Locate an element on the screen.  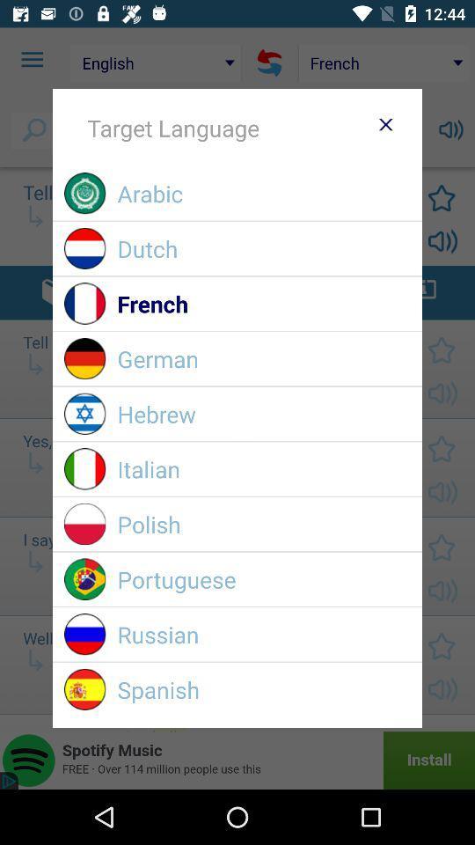
item above the russian is located at coordinates (263, 578).